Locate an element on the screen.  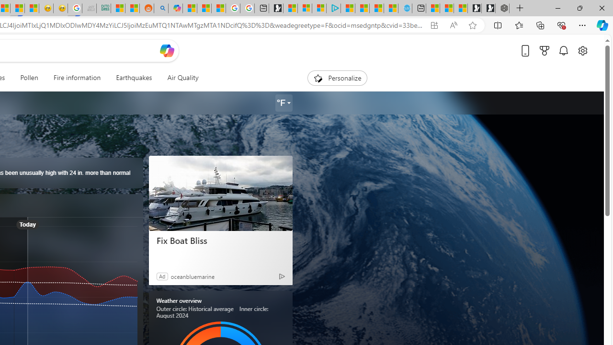
'Fire information' is located at coordinates (77, 78).